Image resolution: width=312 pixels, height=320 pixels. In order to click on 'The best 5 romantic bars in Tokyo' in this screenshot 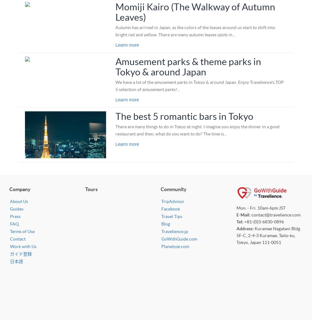, I will do `click(115, 116)`.